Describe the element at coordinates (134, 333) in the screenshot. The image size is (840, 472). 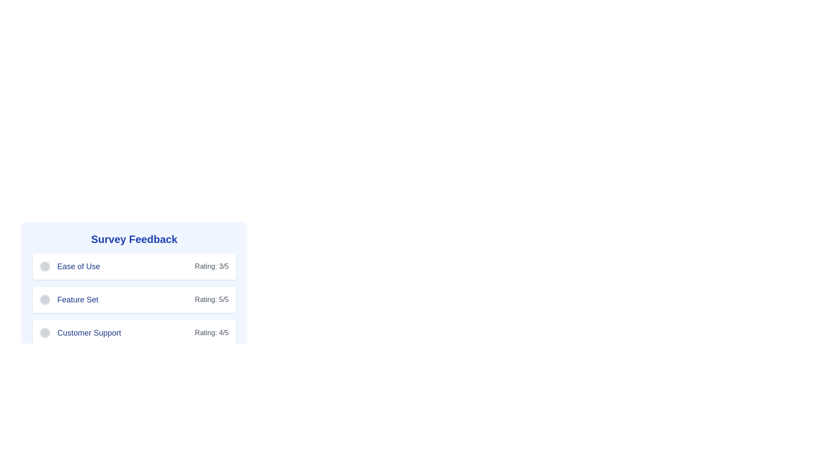
I see `the Feedback summary panel displaying 'Customer Support' with a rating of '4/5', which is the third item in the list` at that location.